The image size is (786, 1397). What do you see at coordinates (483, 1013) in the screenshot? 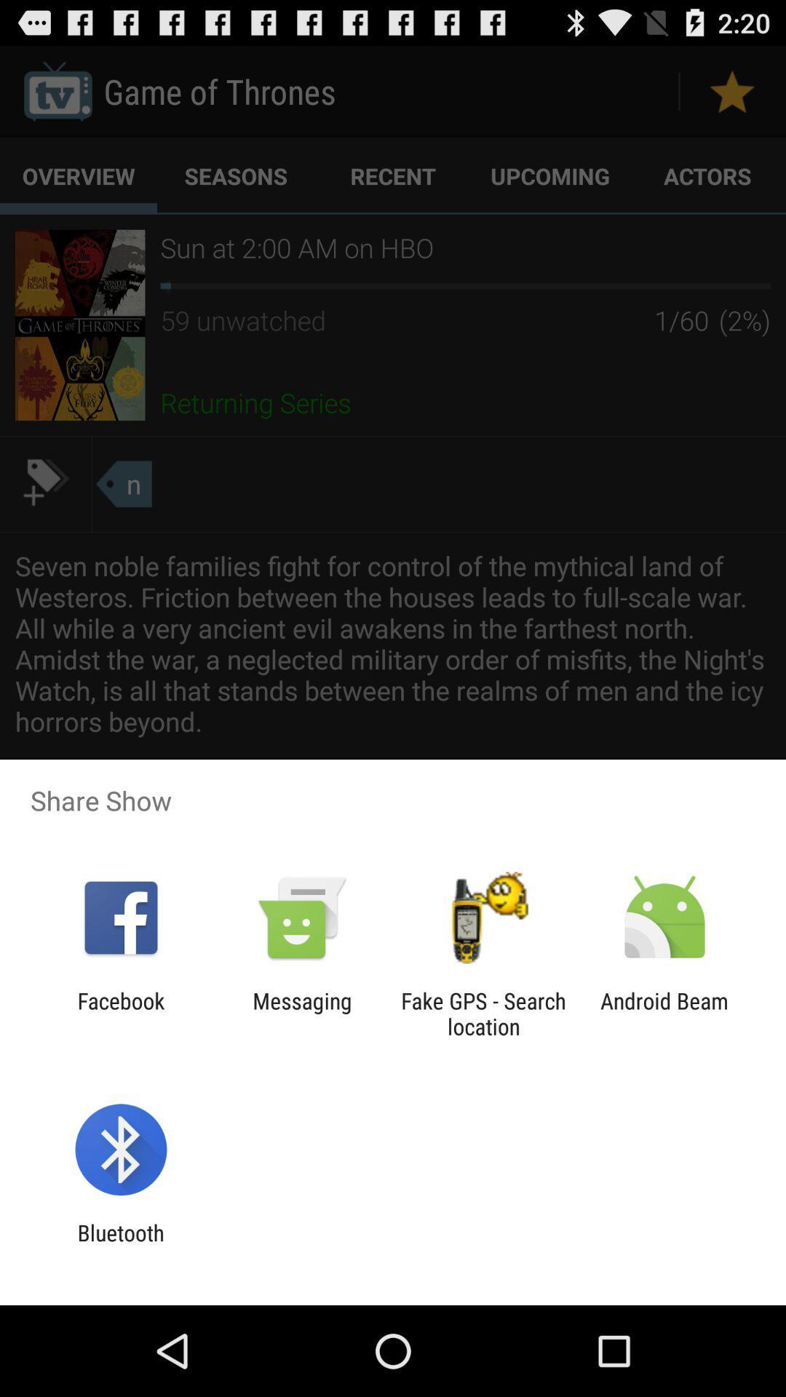
I see `the icon to the right of messaging icon` at bounding box center [483, 1013].